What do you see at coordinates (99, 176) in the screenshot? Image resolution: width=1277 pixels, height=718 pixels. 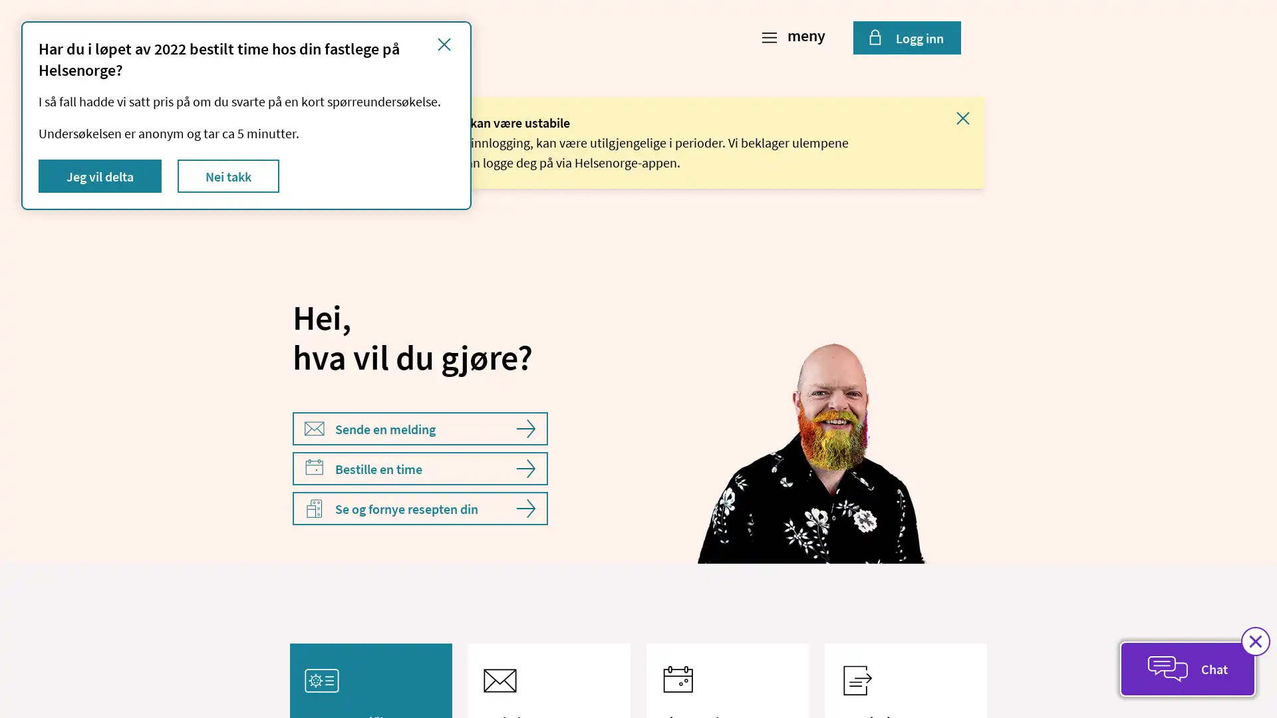 I see `Jeg vil delta` at bounding box center [99, 176].